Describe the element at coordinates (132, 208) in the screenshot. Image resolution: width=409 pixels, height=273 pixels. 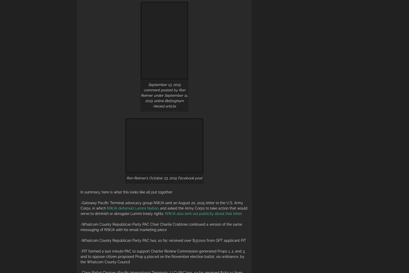
I see `'NWJA defamed Lummi Nation'` at that location.